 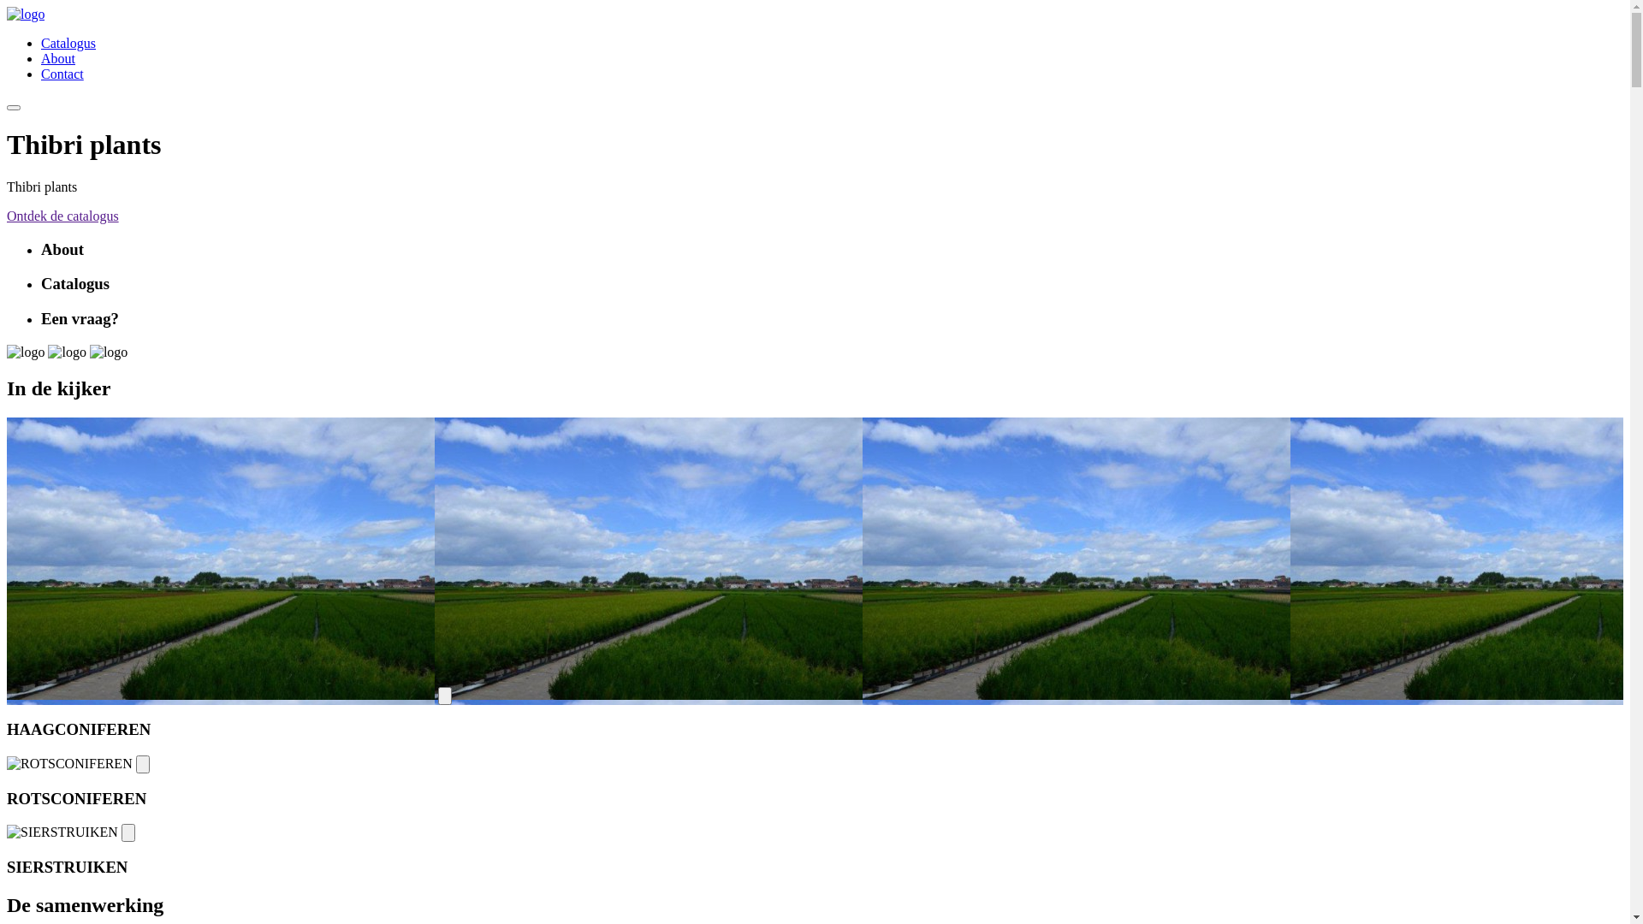 I want to click on 'Contact', so click(x=62, y=73).